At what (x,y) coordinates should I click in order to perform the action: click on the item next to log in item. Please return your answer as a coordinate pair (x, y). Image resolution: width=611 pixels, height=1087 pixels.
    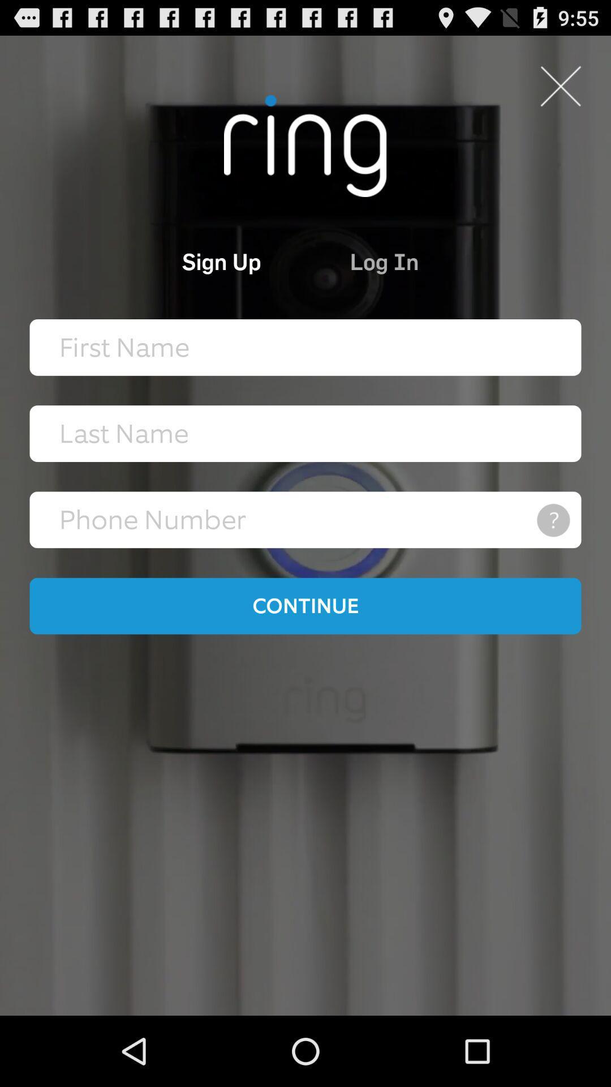
    Looking at the image, I should click on (175, 260).